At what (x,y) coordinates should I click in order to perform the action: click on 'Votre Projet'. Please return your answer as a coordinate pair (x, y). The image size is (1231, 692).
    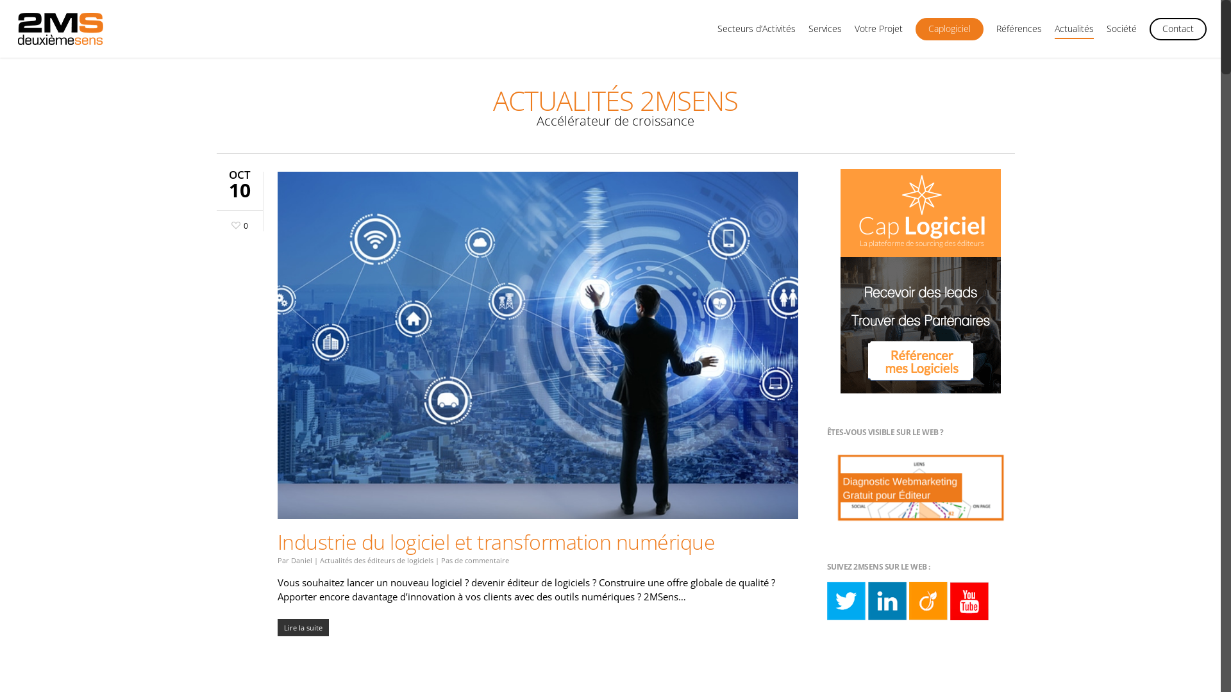
    Looking at the image, I should click on (855, 34).